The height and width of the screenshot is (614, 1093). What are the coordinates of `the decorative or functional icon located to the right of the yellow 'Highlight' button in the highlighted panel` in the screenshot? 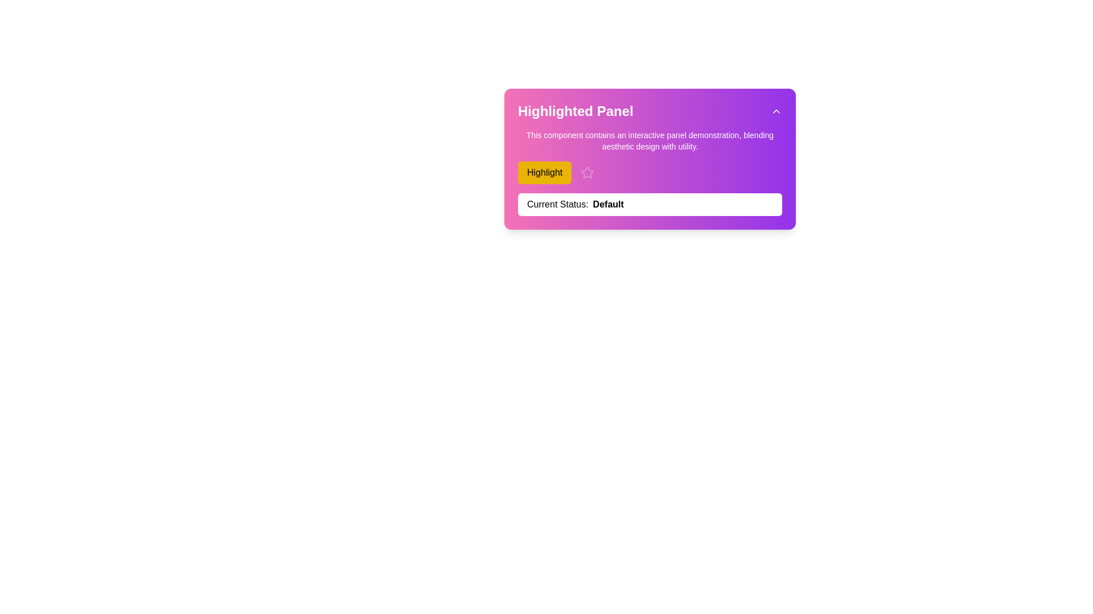 It's located at (587, 172).